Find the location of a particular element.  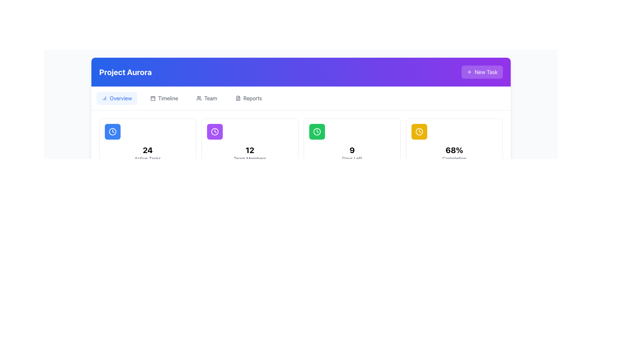

the 'Reports' navigation link located in the header section of the navigation bar is located at coordinates (252, 98).